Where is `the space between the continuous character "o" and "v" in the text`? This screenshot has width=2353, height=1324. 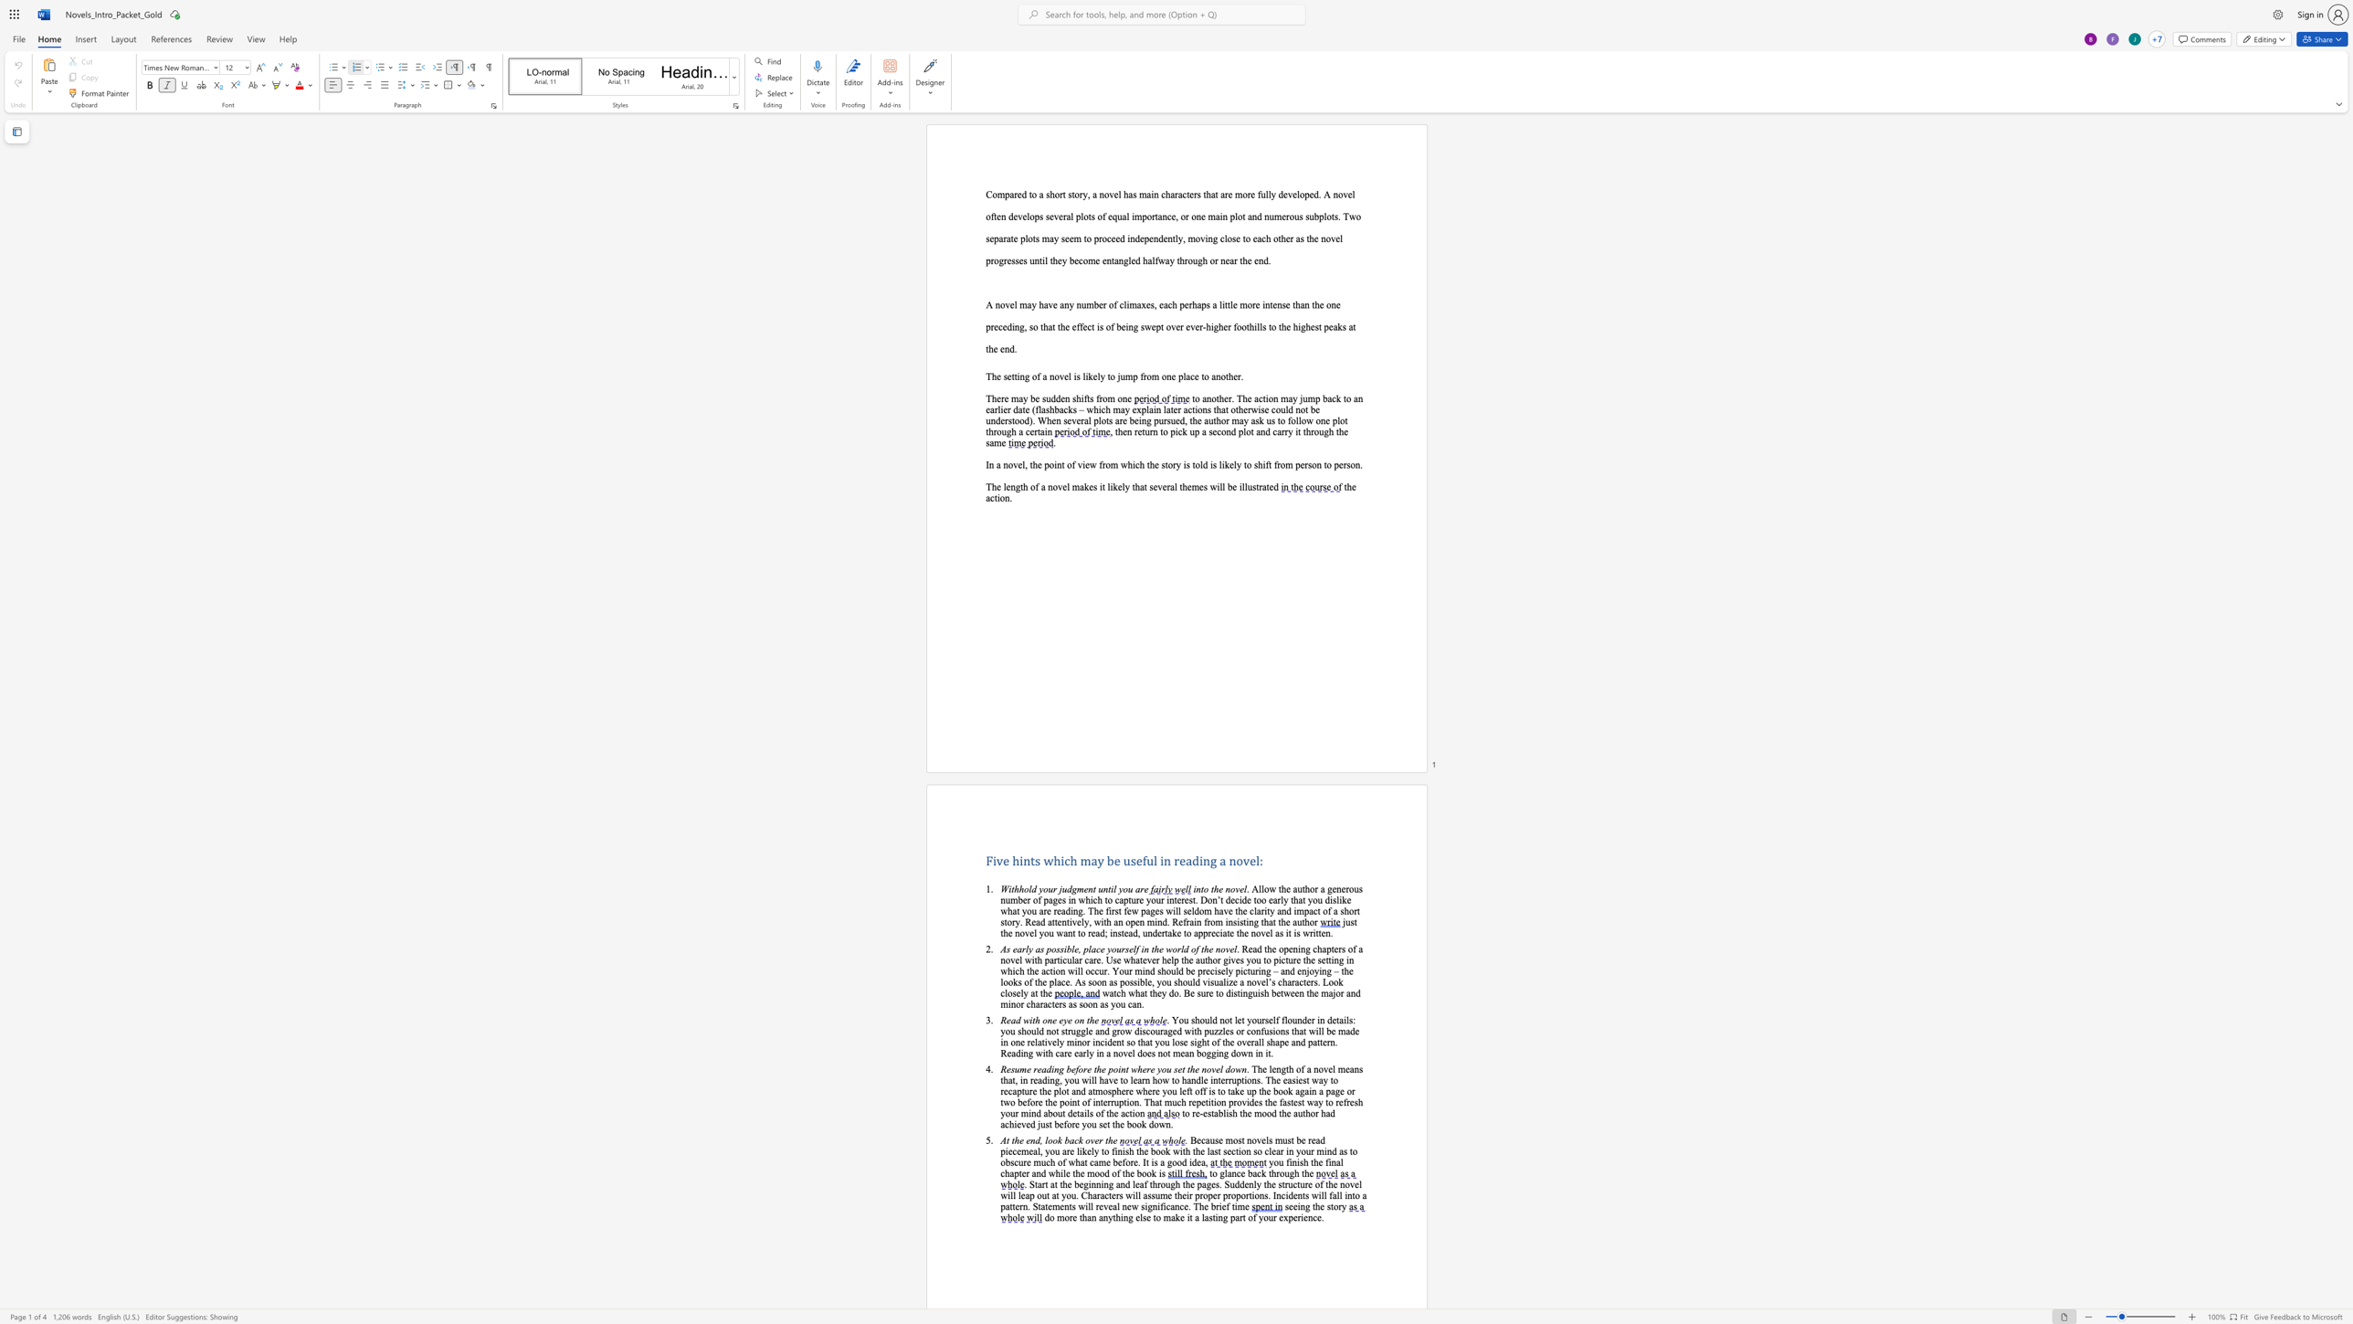 the space between the continuous character "o" and "v" in the text is located at coordinates (1323, 1069).